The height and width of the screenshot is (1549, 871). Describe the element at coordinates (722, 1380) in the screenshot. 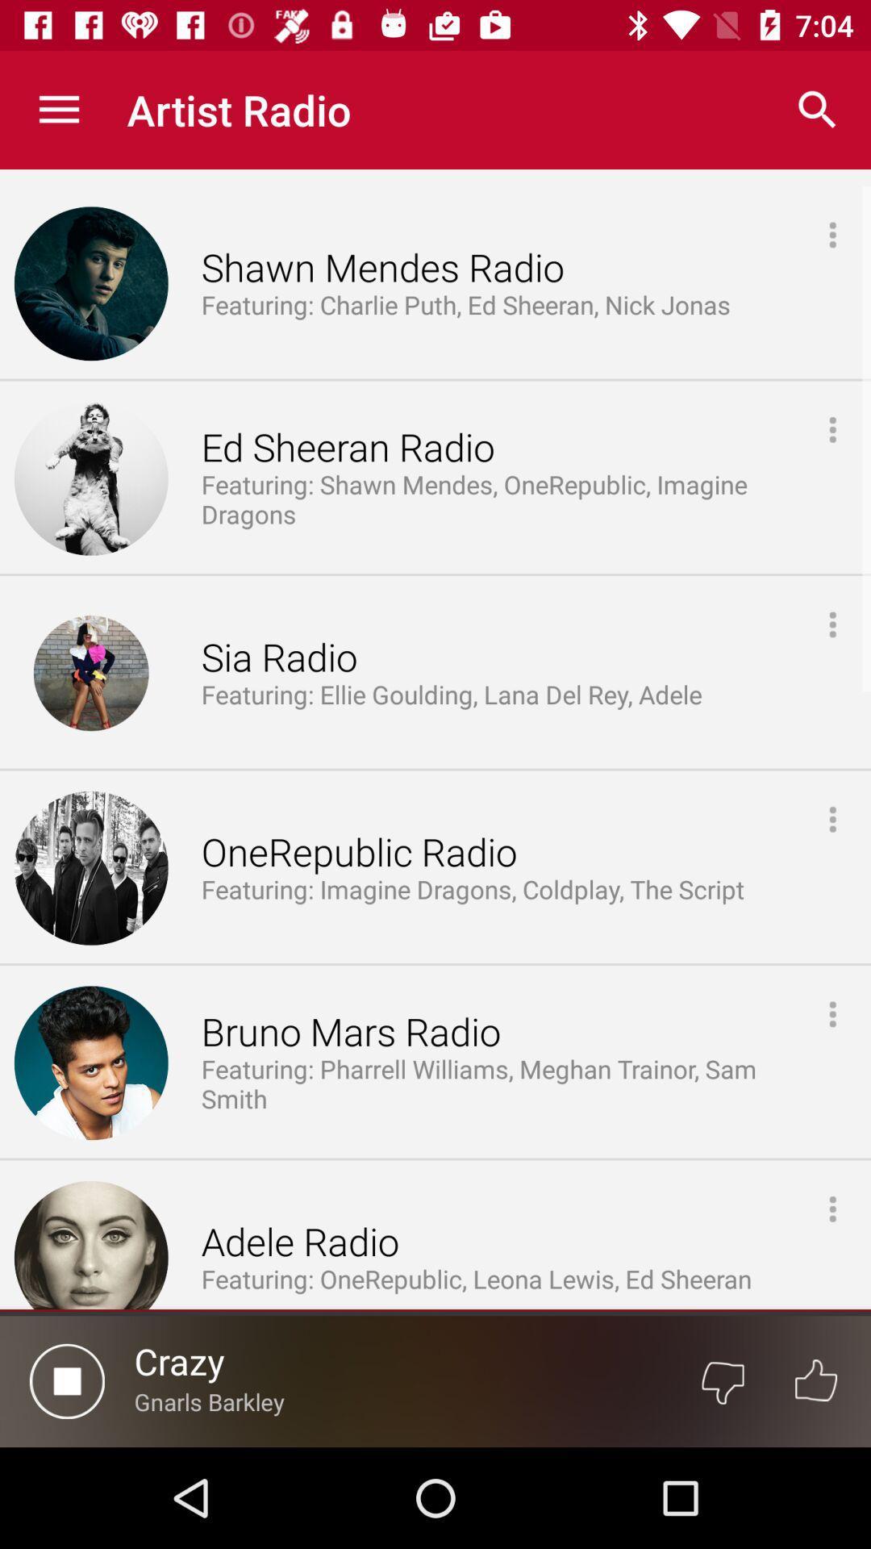

I see `the thumbs_down icon` at that location.